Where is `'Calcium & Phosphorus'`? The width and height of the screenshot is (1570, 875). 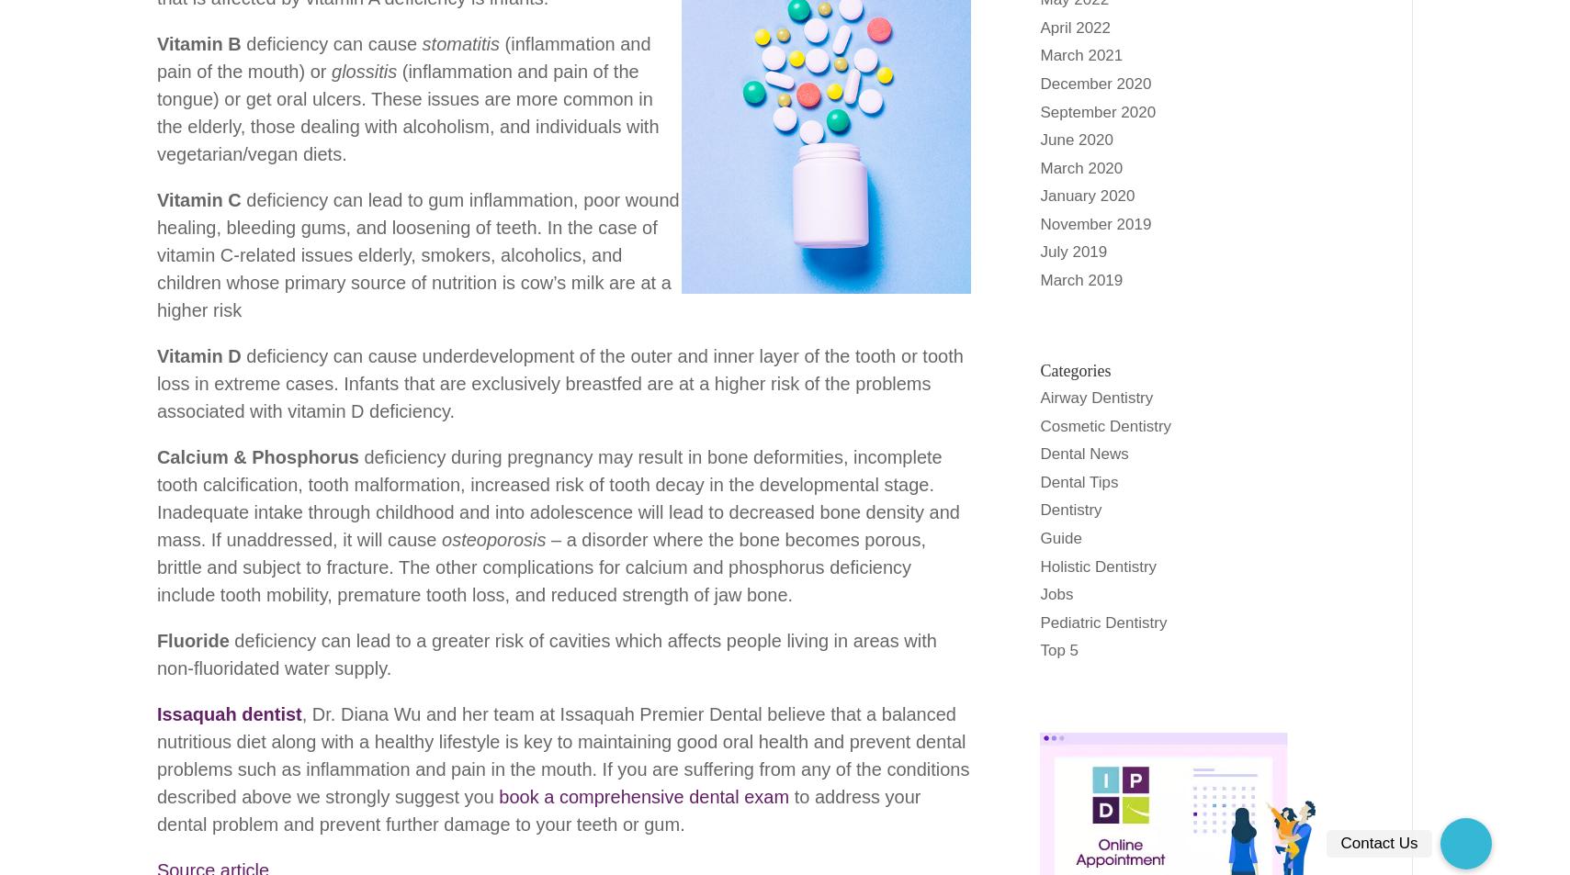 'Calcium & Phosphorus' is located at coordinates (255, 455).